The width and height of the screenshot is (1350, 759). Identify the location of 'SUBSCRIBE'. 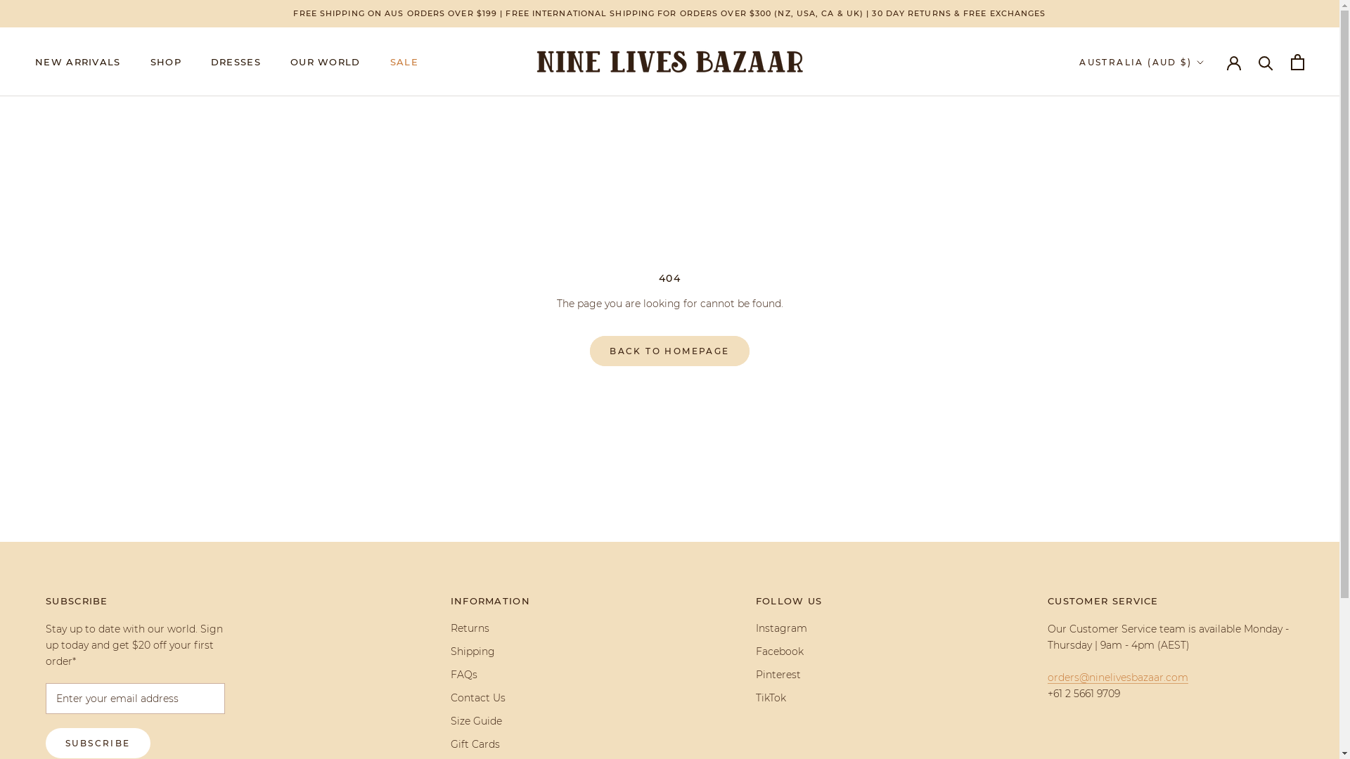
(97, 742).